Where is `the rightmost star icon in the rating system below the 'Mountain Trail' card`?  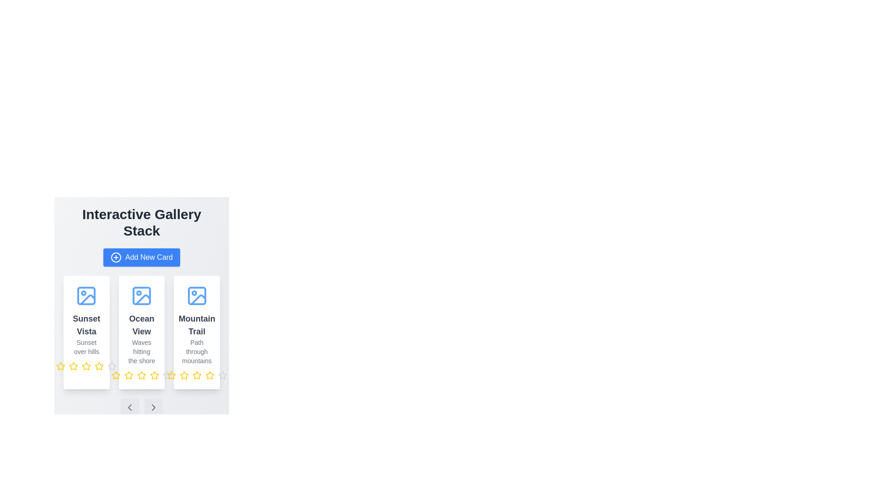
the rightmost star icon in the rating system below the 'Mountain Trail' card is located at coordinates (209, 375).